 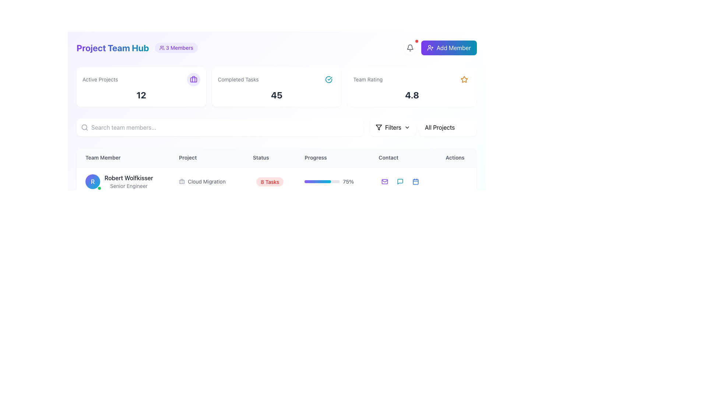 I want to click on the small purple icon depicting a group of people, located to the left of the text '3 Members', in the top-left section of the interface, so click(x=161, y=48).